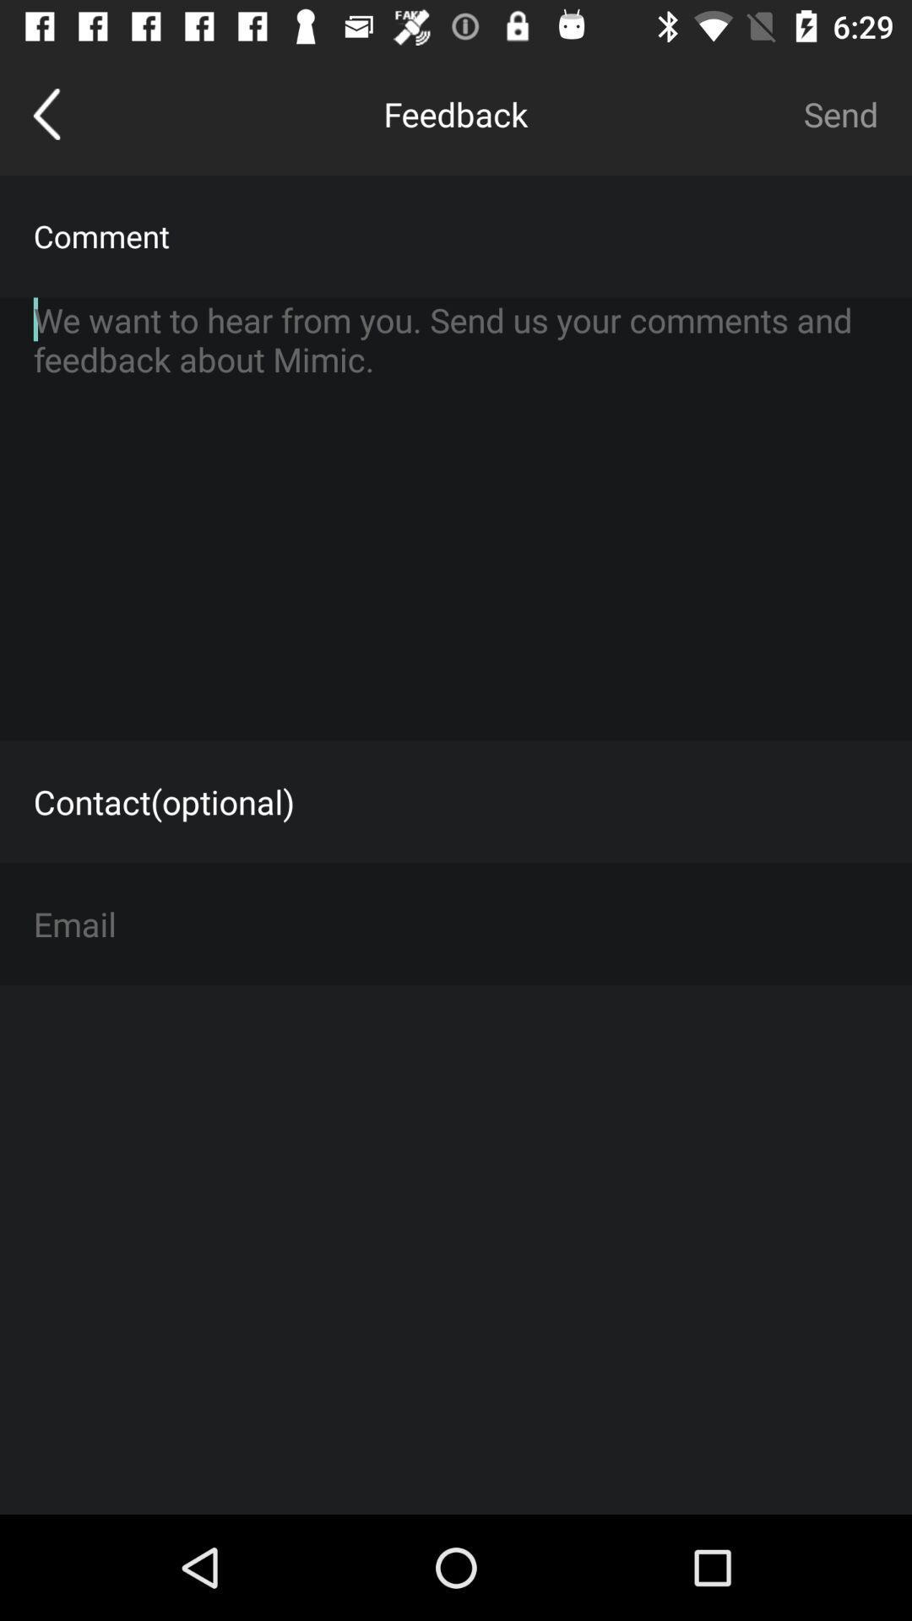 This screenshot has width=912, height=1621. Describe the element at coordinates (46, 113) in the screenshot. I see `item above the comment` at that location.